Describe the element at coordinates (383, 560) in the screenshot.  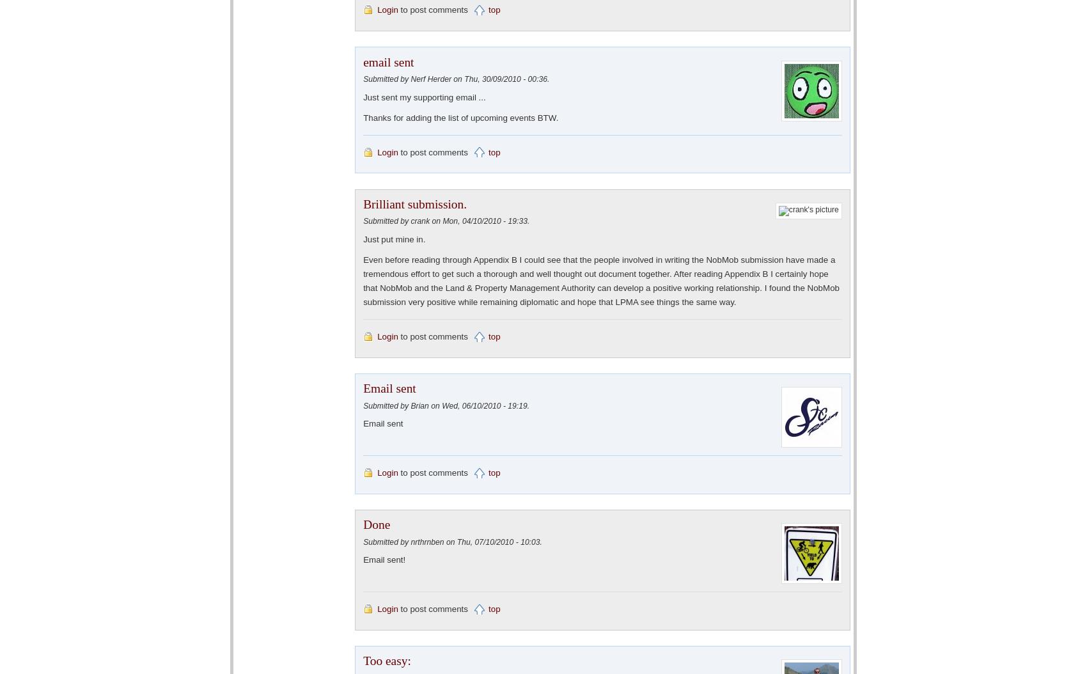
I see `'Email sent!'` at that location.